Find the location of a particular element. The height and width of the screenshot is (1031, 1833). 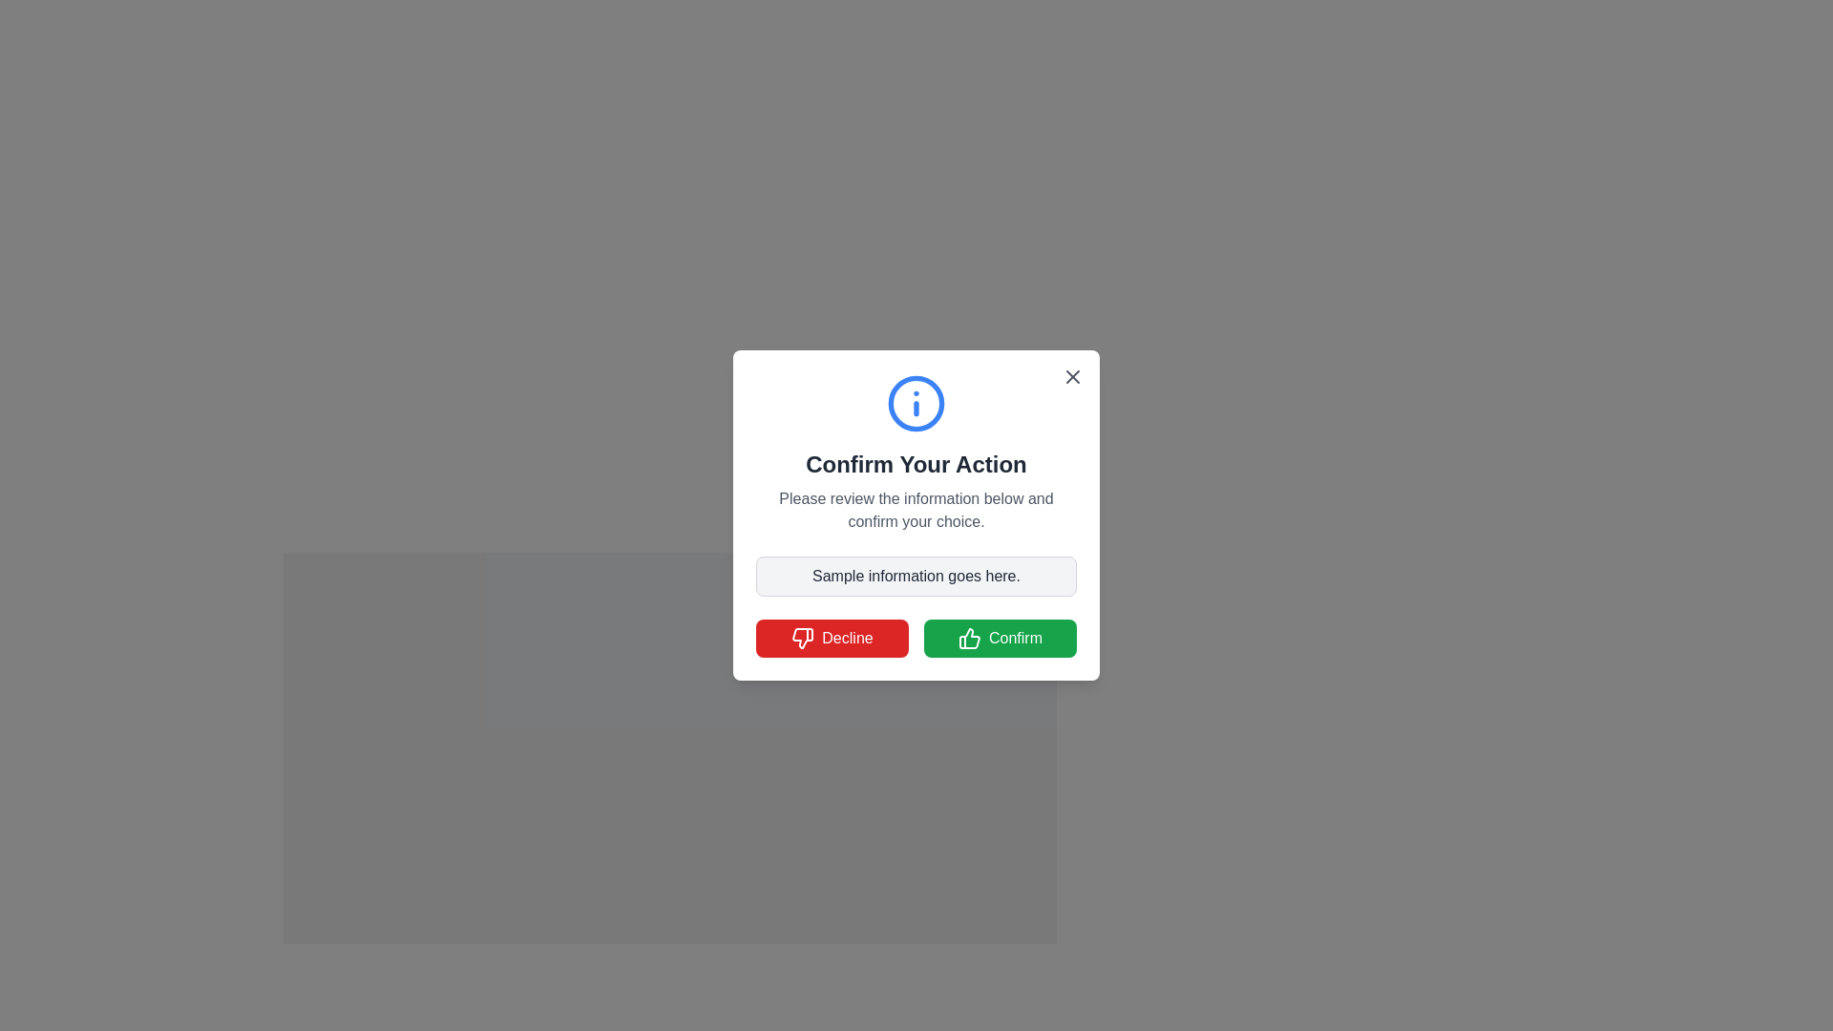

the green confirm button located in the lower part of the dialog, which is the rightmost option next to the red 'Decline' button is located at coordinates (999, 638).